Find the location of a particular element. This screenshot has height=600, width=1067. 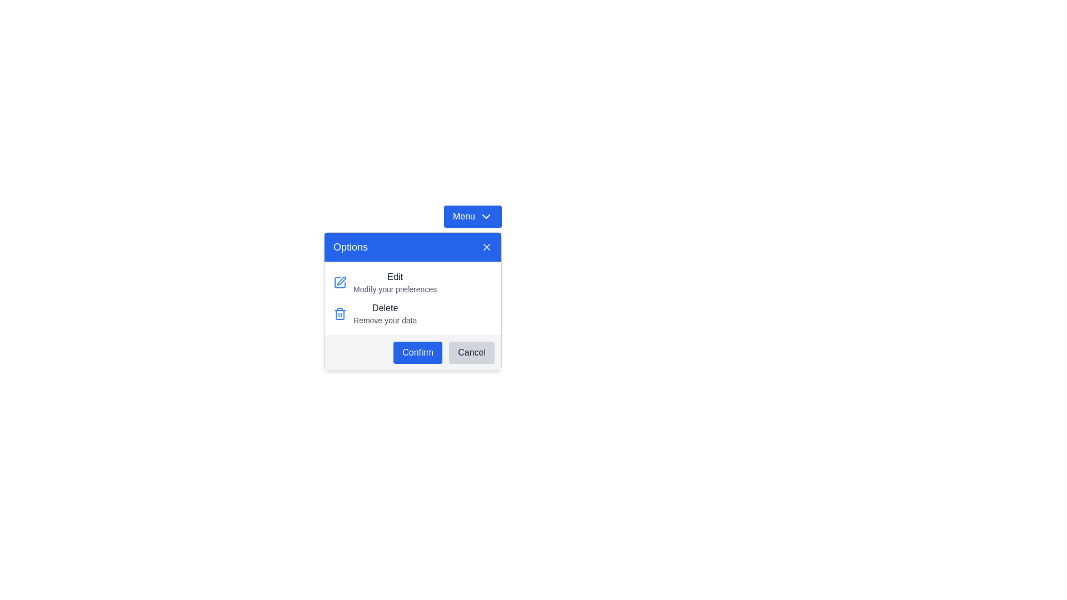

the delete action icon, which is located to the left of the 'Delete' text label and above 'Remove your data.' is located at coordinates (340, 313).